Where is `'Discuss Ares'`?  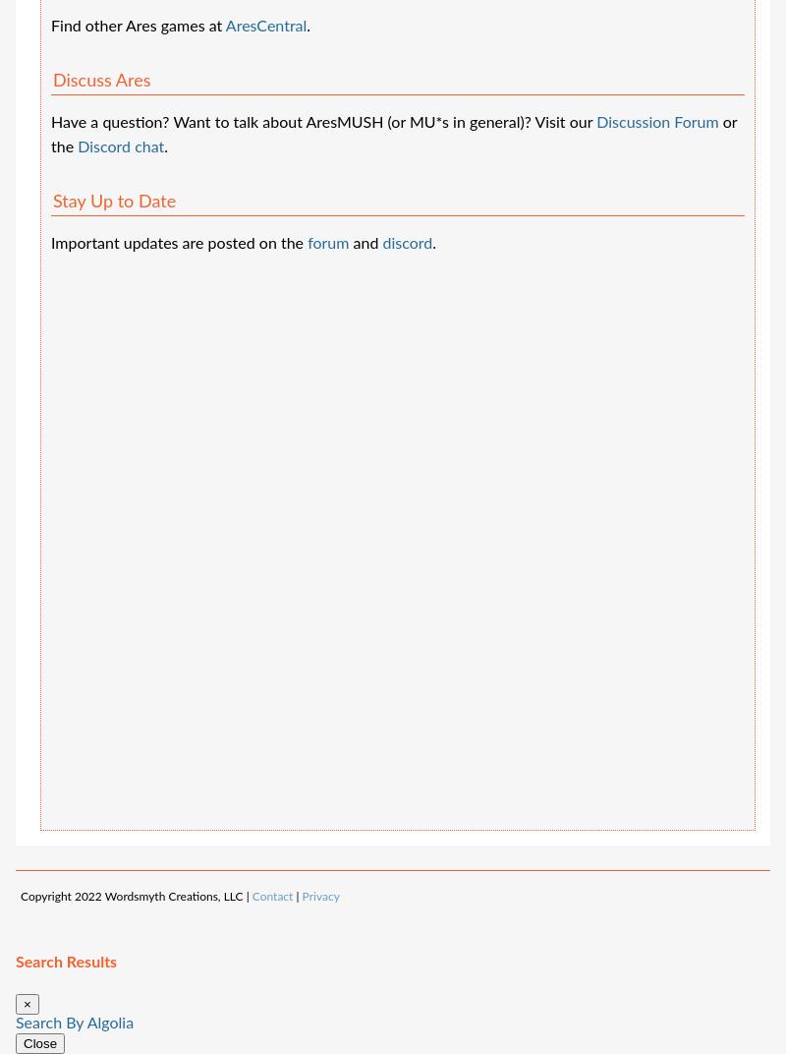 'Discuss Ares' is located at coordinates (100, 81).